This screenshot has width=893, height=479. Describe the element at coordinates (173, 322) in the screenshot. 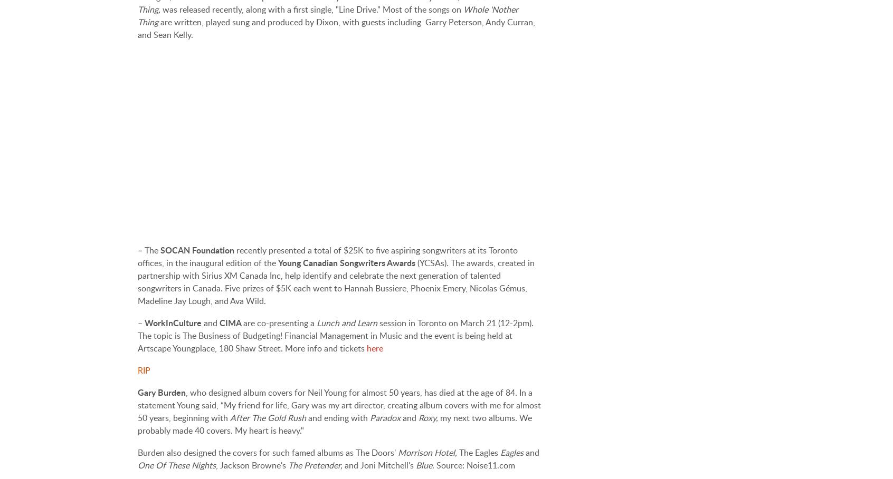

I see `'WorkInCulture'` at that location.